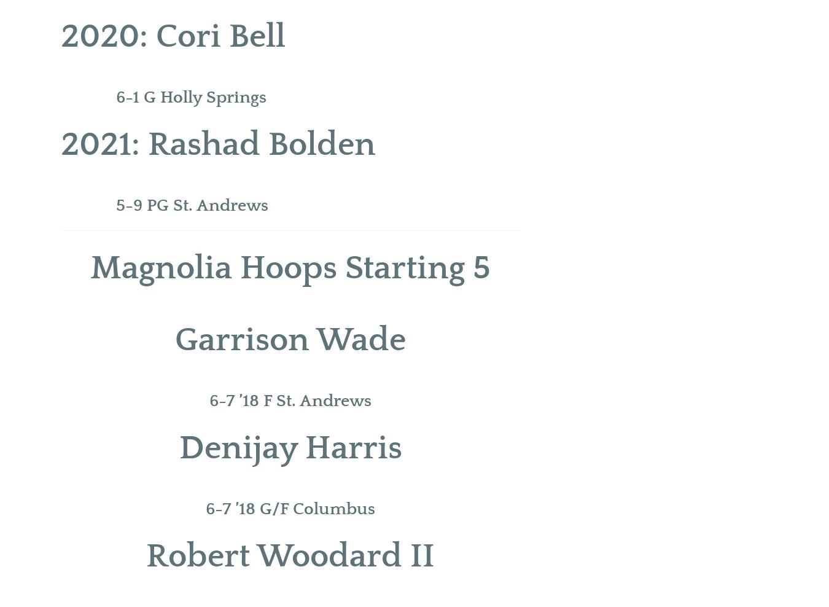 Image resolution: width=829 pixels, height=607 pixels. I want to click on 'Magnolia Hoops Starting 5', so click(90, 268).